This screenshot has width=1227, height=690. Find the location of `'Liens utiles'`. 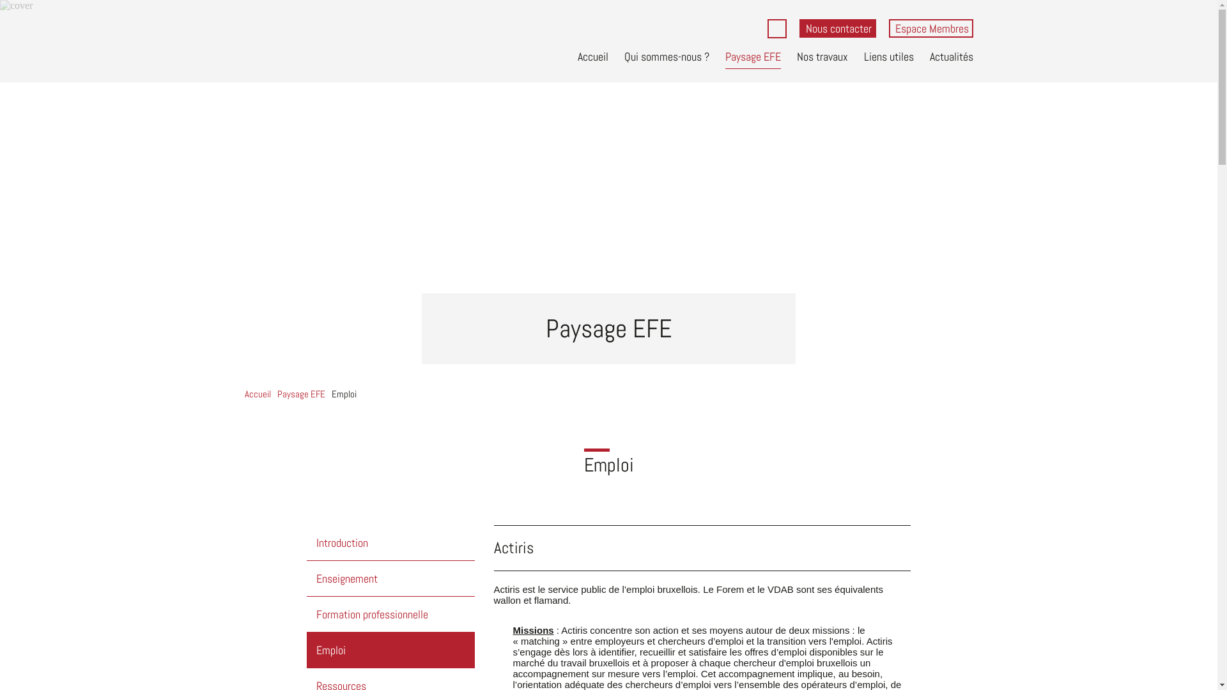

'Liens utiles' is located at coordinates (888, 52).